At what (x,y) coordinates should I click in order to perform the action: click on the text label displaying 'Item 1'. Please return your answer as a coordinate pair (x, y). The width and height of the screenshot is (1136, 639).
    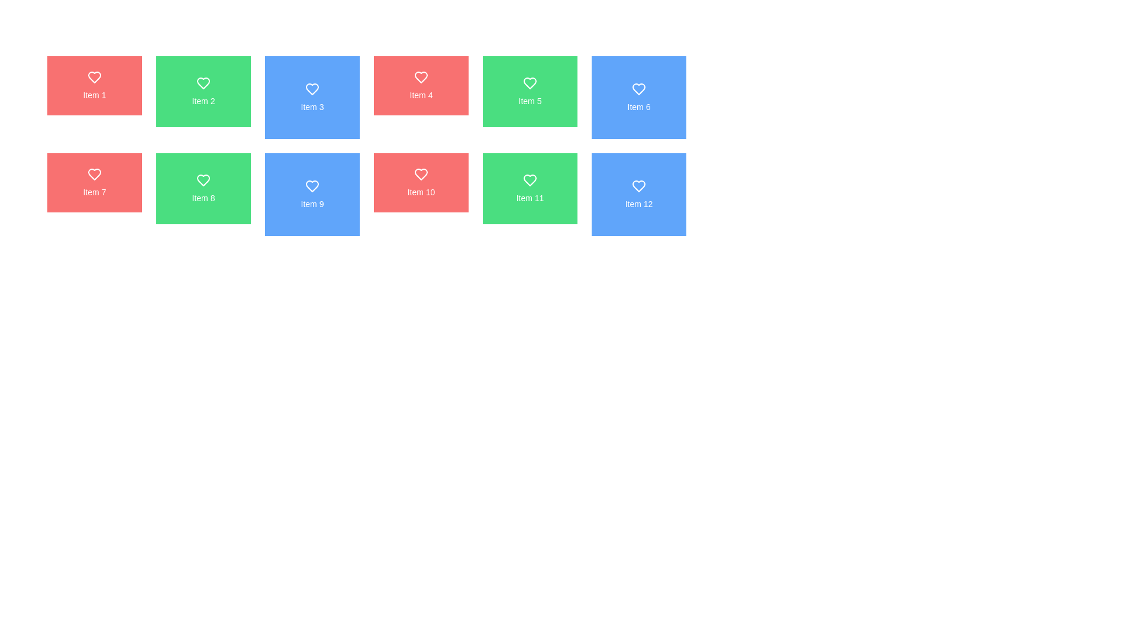
    Looking at the image, I should click on (93, 95).